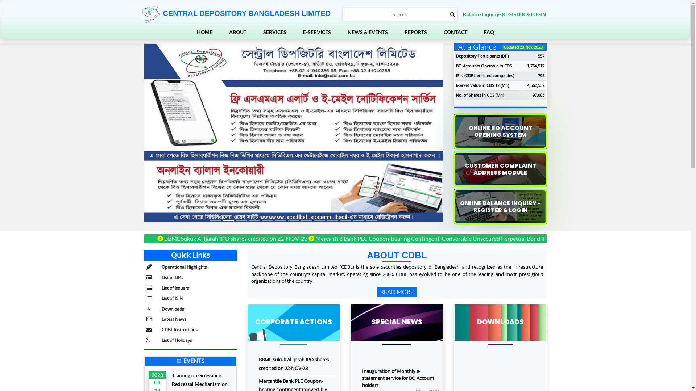  What do you see at coordinates (377, 291) in the screenshot?
I see `'READ MORE'` at bounding box center [377, 291].